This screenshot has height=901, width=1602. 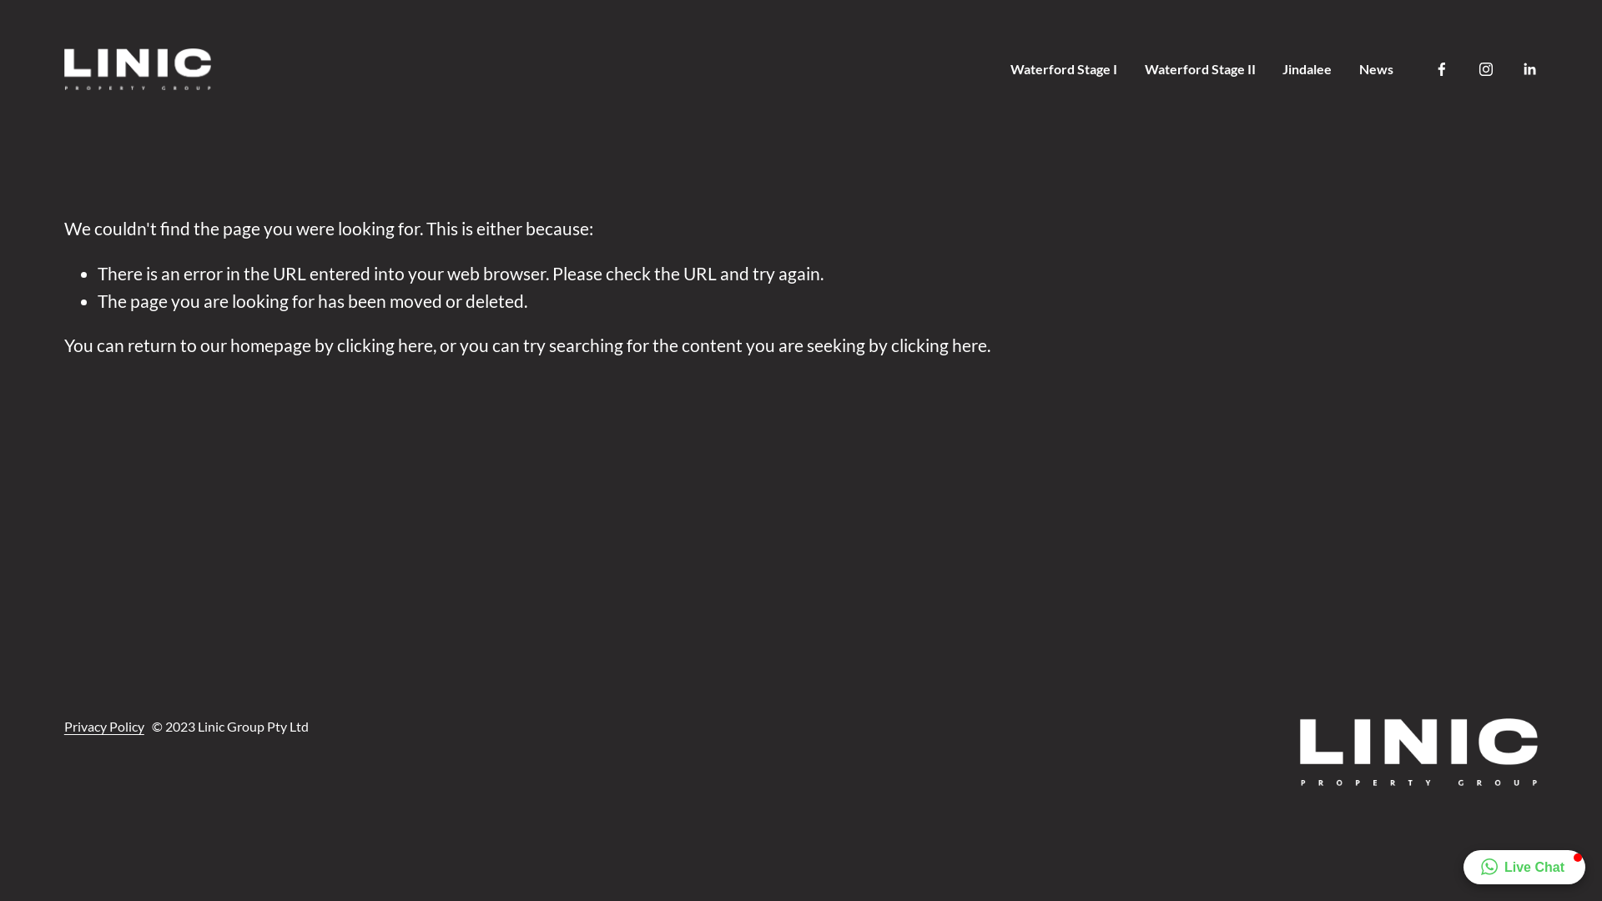 I want to click on 'clicking here', so click(x=939, y=344).